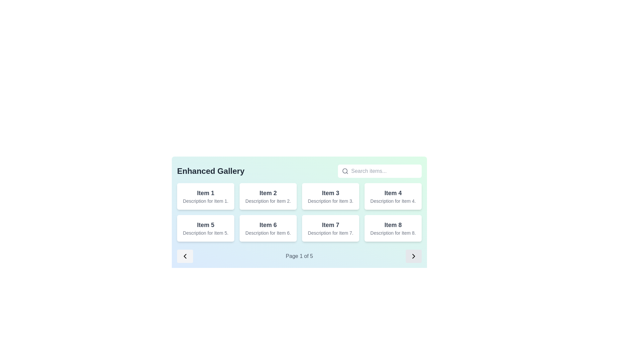 The height and width of the screenshot is (359, 638). I want to click on the static text element displaying 'Description for Item 8.' which is located within the panel labeled 'Item 8' in the bottom-right corner of the grid layout, so click(393, 233).